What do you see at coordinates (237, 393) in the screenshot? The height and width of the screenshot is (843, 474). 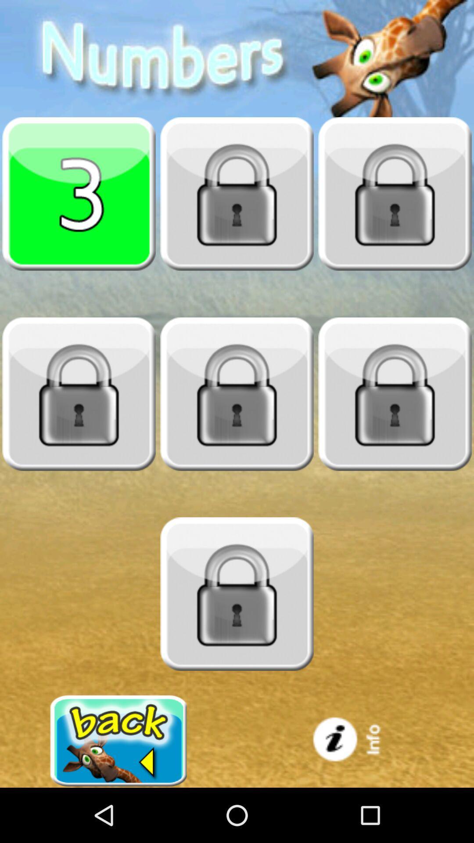 I see `touch locked chapter` at bounding box center [237, 393].